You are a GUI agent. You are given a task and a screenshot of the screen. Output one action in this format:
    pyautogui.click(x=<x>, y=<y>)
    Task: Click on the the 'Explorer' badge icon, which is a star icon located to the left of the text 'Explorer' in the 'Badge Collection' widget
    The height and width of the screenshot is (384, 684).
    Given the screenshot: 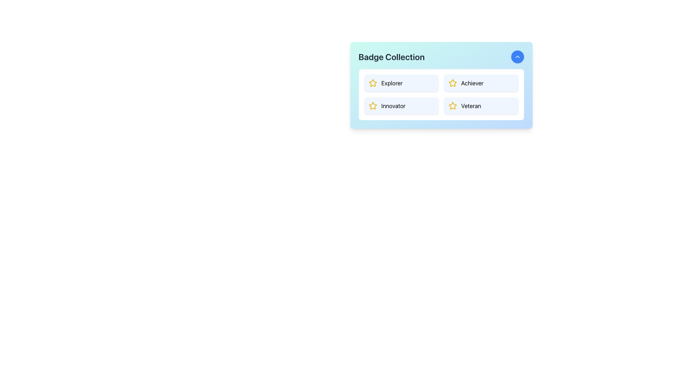 What is the action you would take?
    pyautogui.click(x=372, y=83)
    